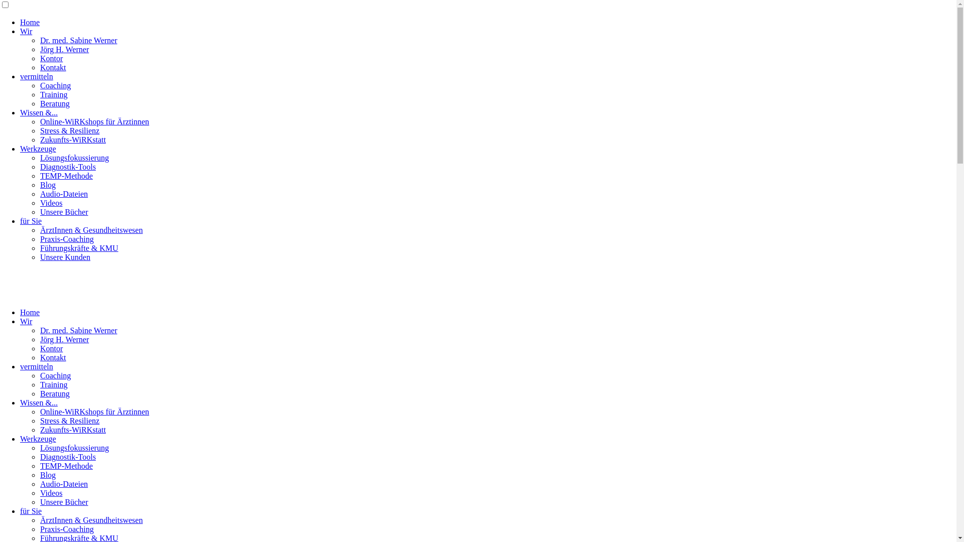 Image resolution: width=964 pixels, height=542 pixels. What do you see at coordinates (40, 528) in the screenshot?
I see `'Praxis-Coaching'` at bounding box center [40, 528].